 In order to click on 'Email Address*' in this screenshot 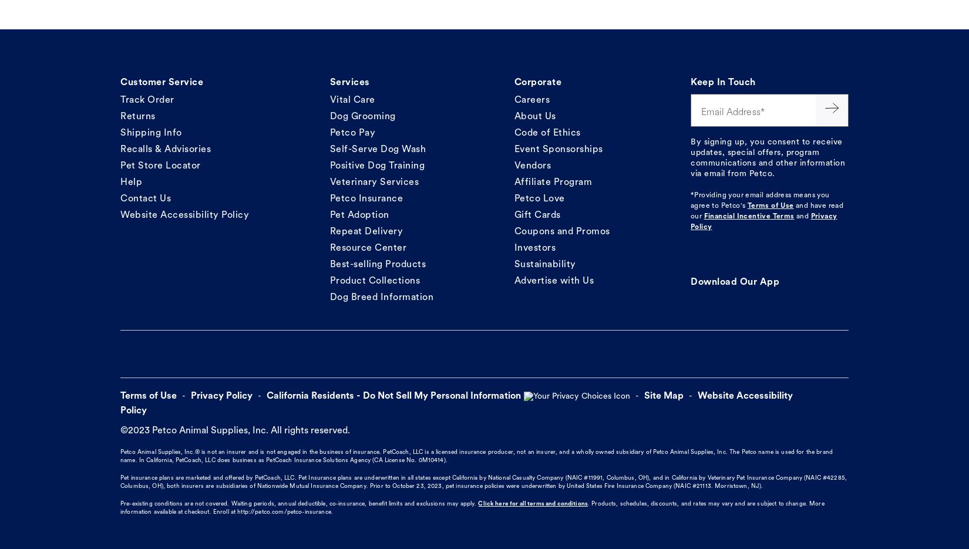, I will do `click(700, 112)`.